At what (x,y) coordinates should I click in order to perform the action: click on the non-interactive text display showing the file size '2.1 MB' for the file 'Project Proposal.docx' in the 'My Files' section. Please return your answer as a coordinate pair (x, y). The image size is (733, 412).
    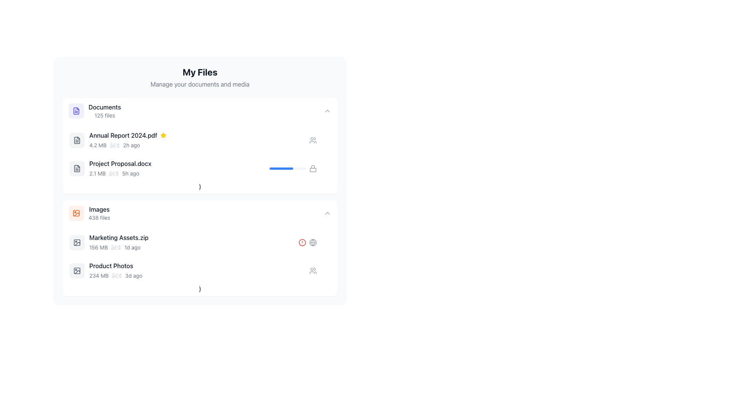
    Looking at the image, I should click on (97, 174).